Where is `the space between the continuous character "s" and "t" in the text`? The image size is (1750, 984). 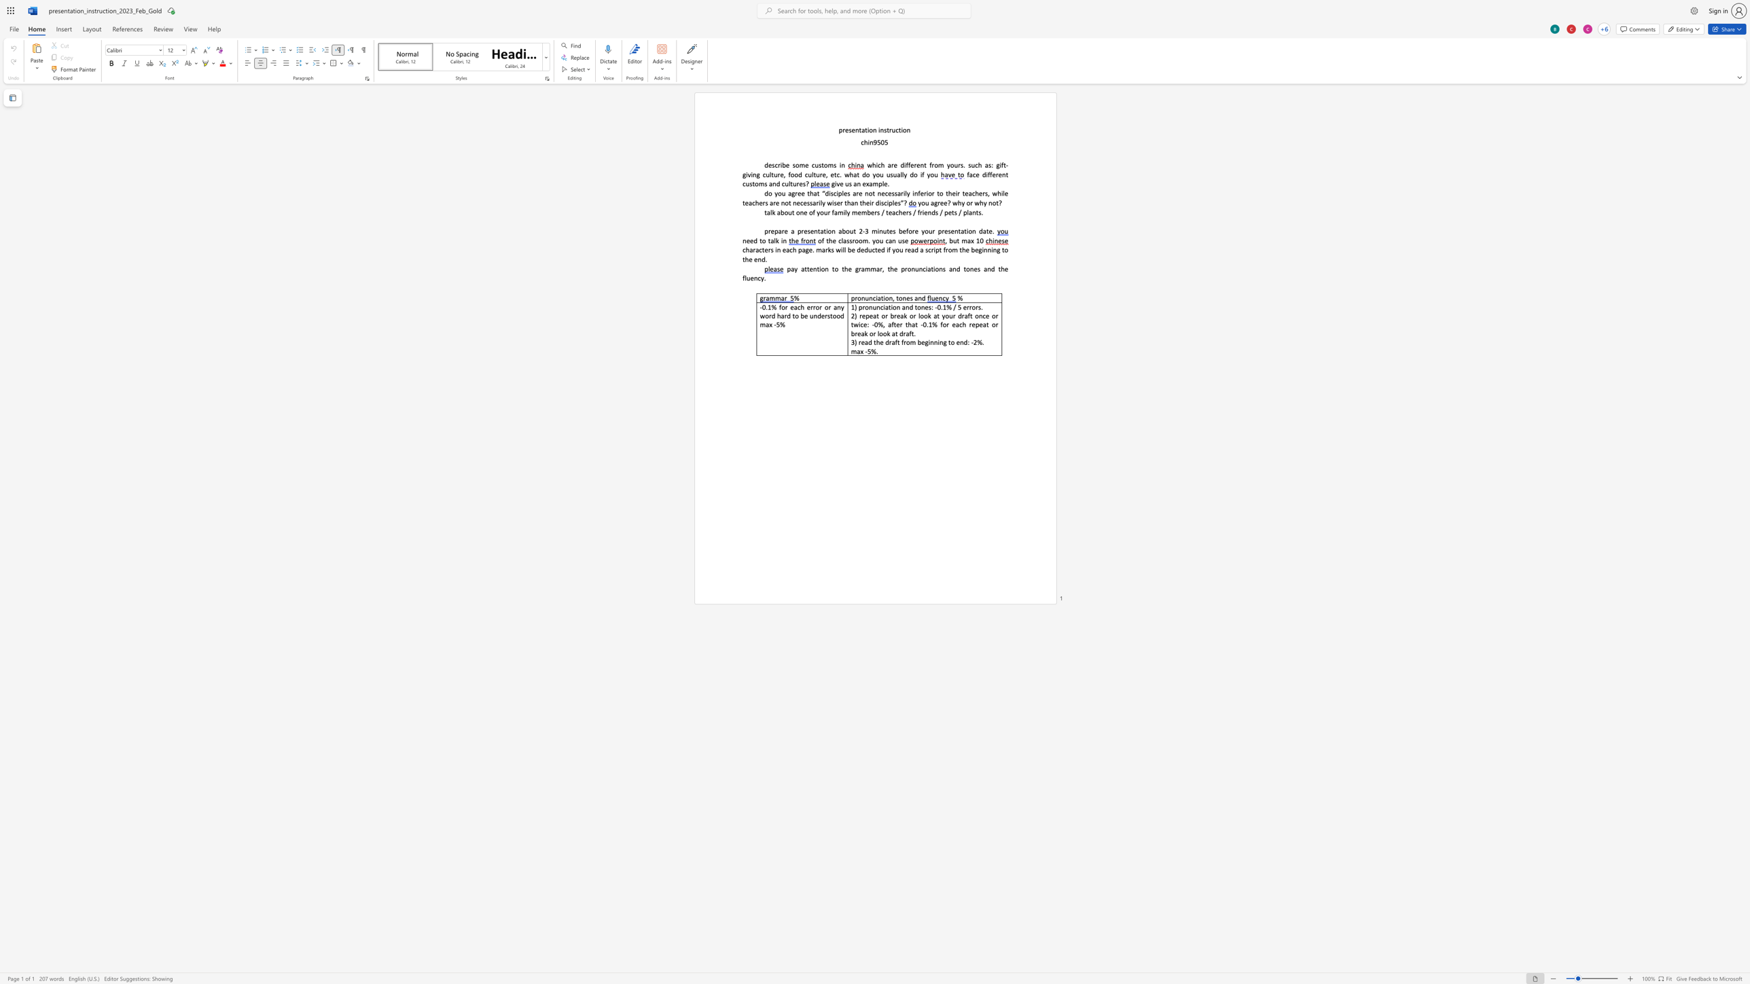
the space between the continuous character "s" and "t" in the text is located at coordinates (886, 130).